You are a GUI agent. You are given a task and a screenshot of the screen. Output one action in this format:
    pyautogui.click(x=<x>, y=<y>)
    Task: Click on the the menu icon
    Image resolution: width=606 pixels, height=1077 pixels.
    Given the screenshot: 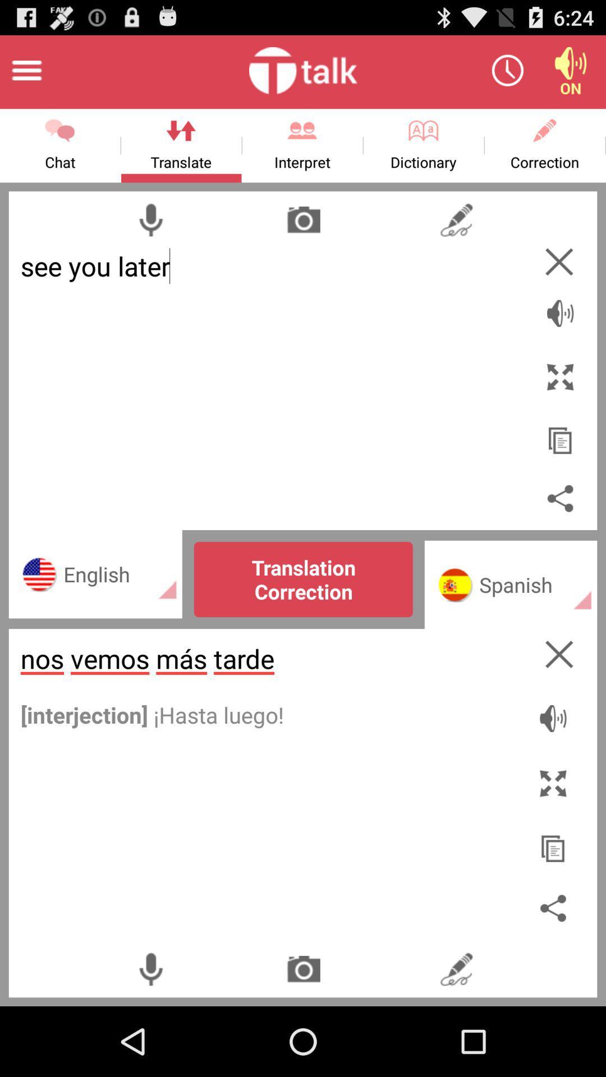 What is the action you would take?
    pyautogui.click(x=26, y=75)
    